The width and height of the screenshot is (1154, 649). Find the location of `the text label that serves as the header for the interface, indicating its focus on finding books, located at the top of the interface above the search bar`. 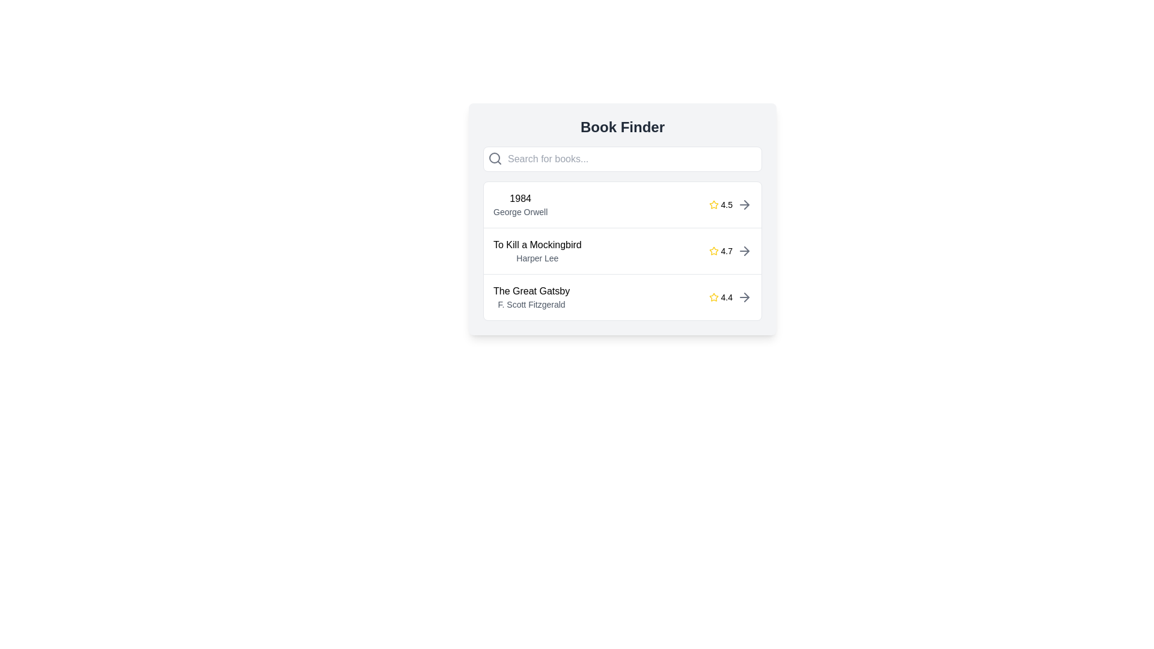

the text label that serves as the header for the interface, indicating its focus on finding books, located at the top of the interface above the search bar is located at coordinates (623, 127).